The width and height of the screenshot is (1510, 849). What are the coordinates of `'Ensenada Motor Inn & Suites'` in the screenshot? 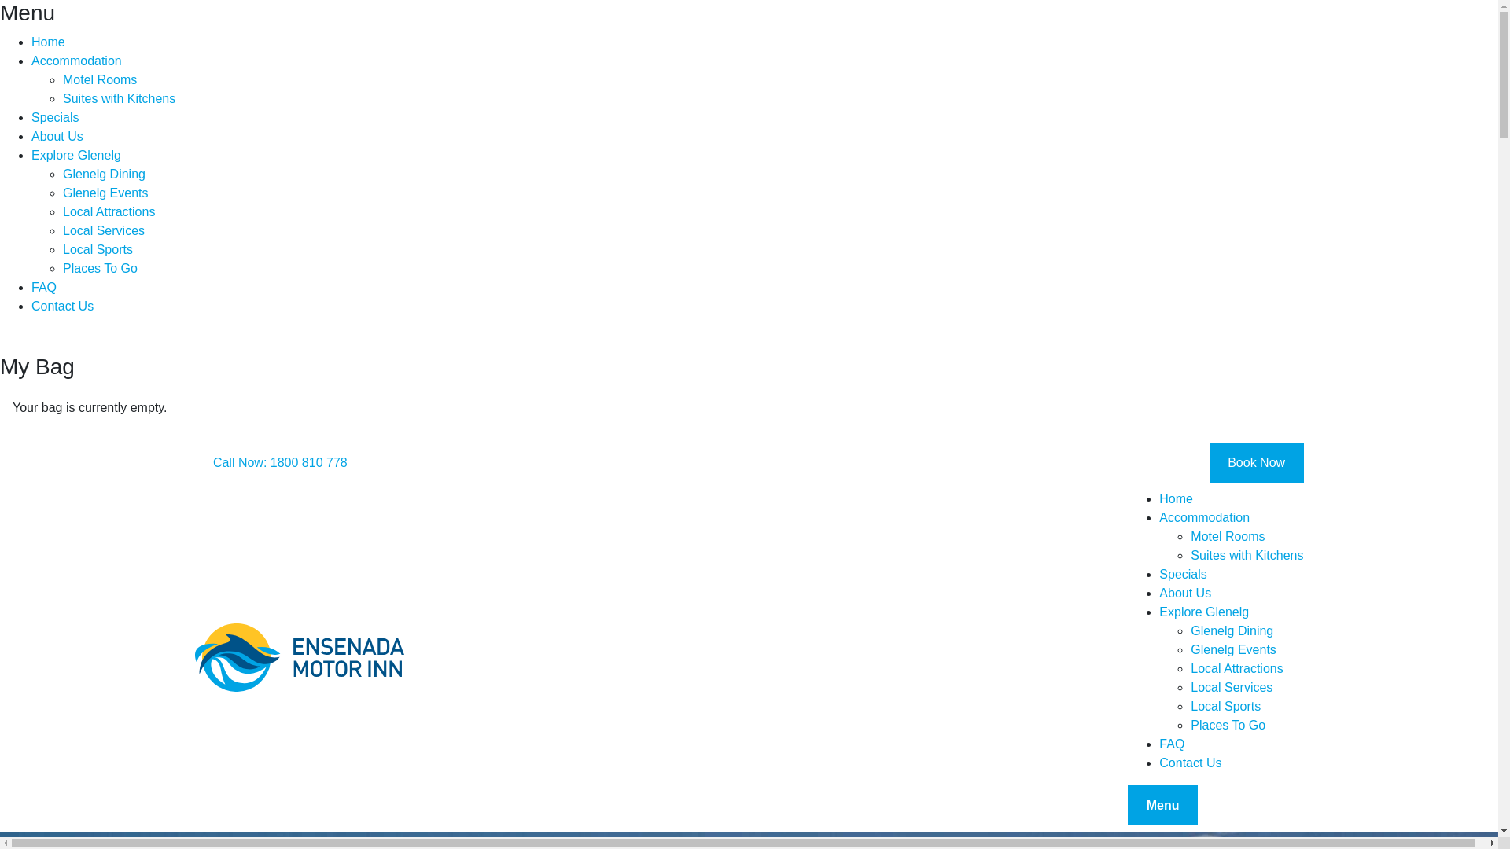 It's located at (299, 658).